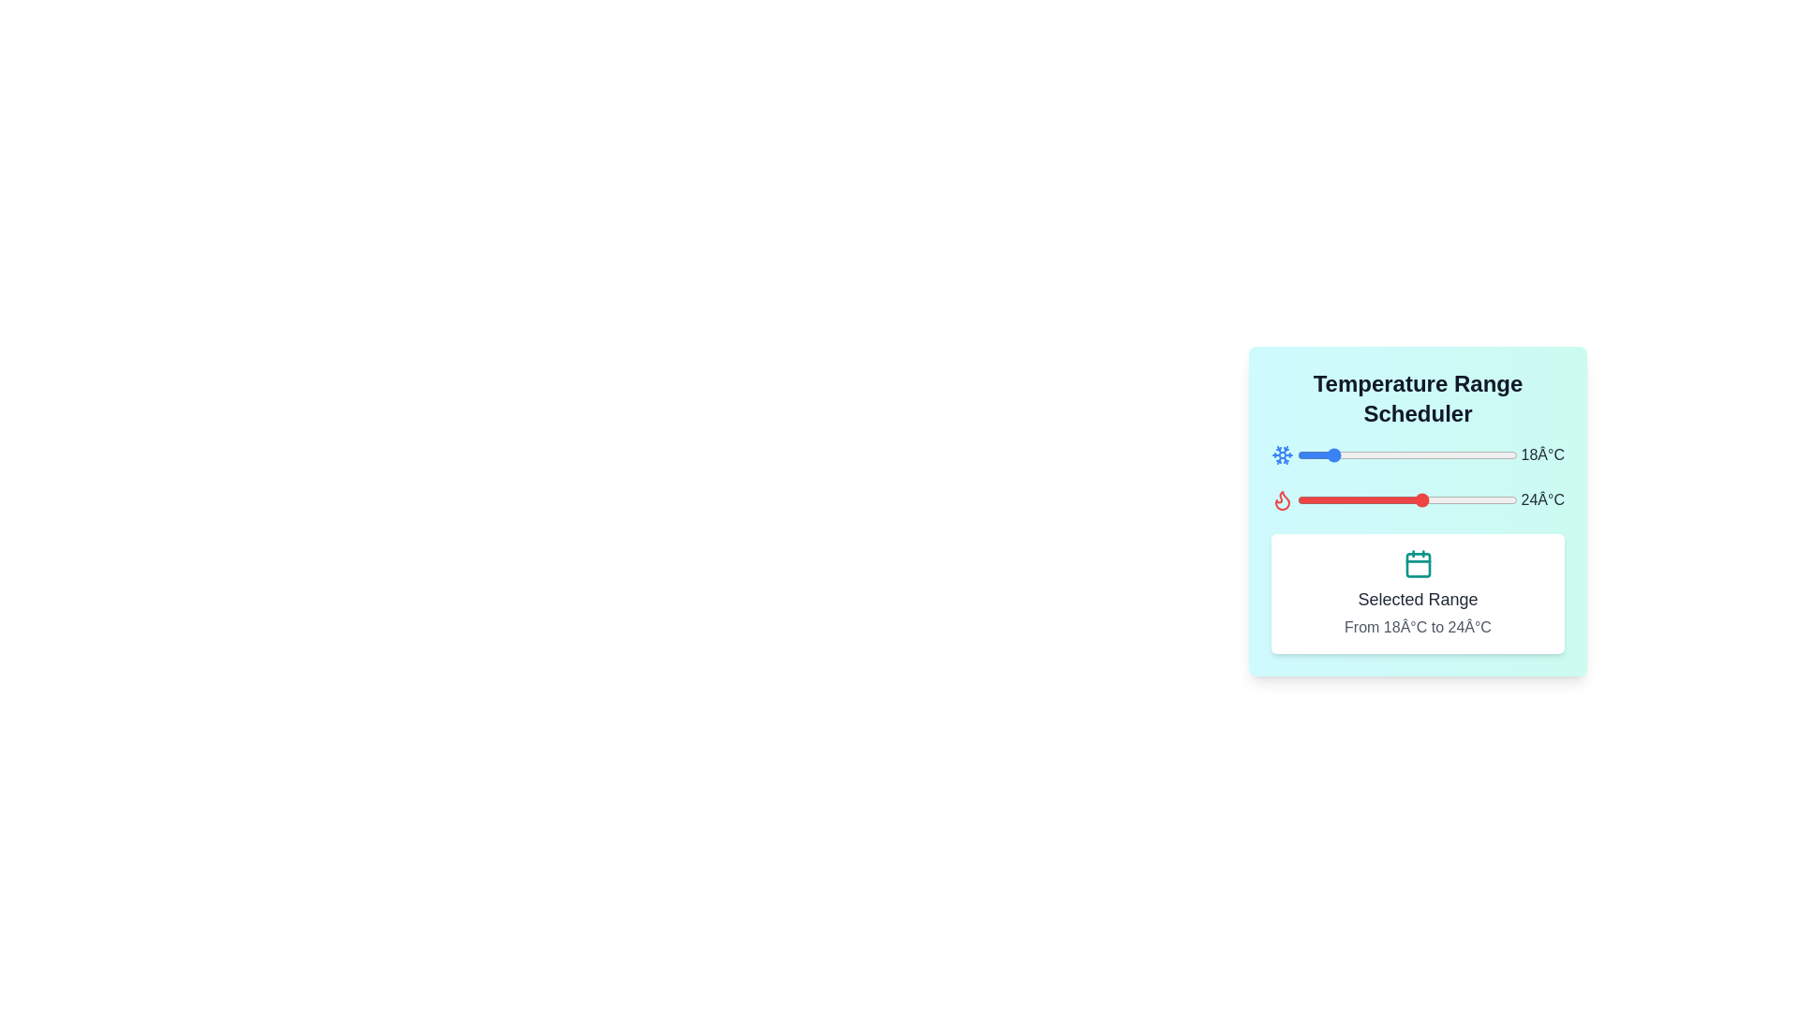 The height and width of the screenshot is (1012, 1799). Describe the element at coordinates (1296, 499) in the screenshot. I see `the temperature` at that location.